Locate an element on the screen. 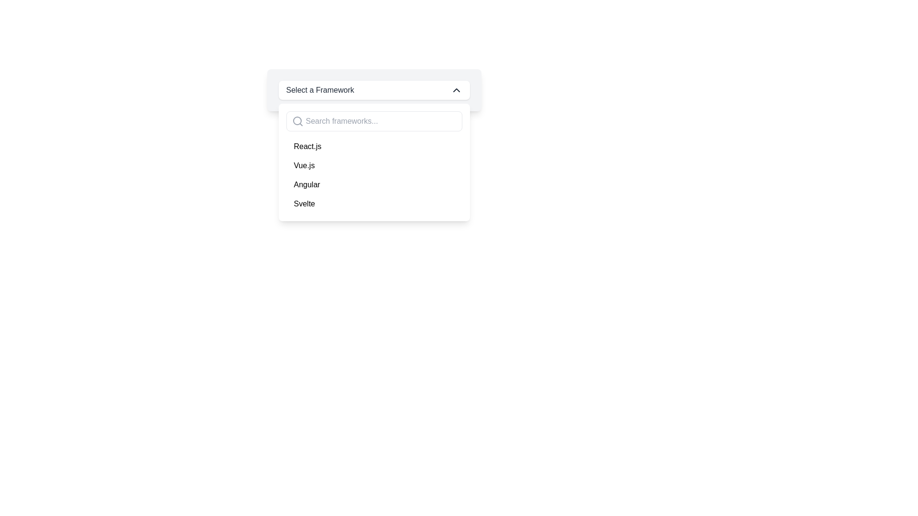 This screenshot has height=516, width=918. the 'Vue.js' selectable list item in the dropdown menu is located at coordinates (373, 165).